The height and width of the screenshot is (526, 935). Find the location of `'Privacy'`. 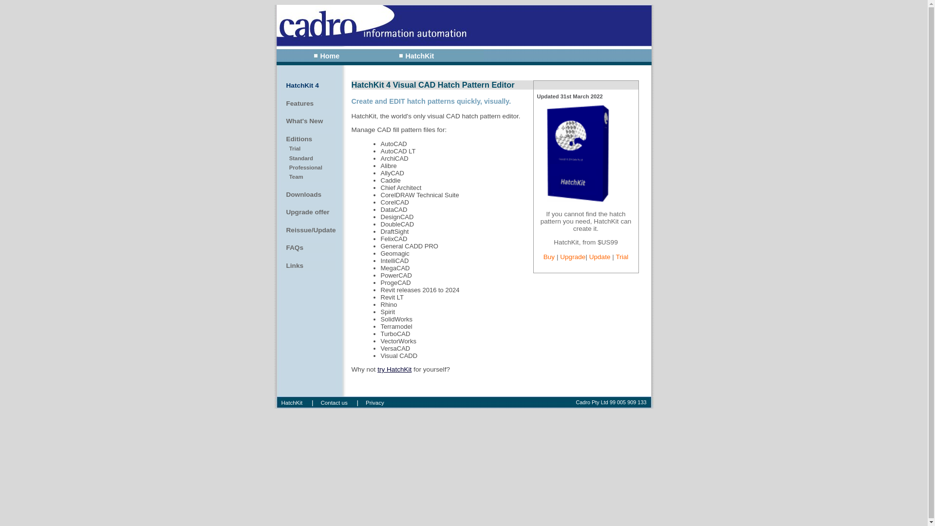

'Privacy' is located at coordinates (374, 402).